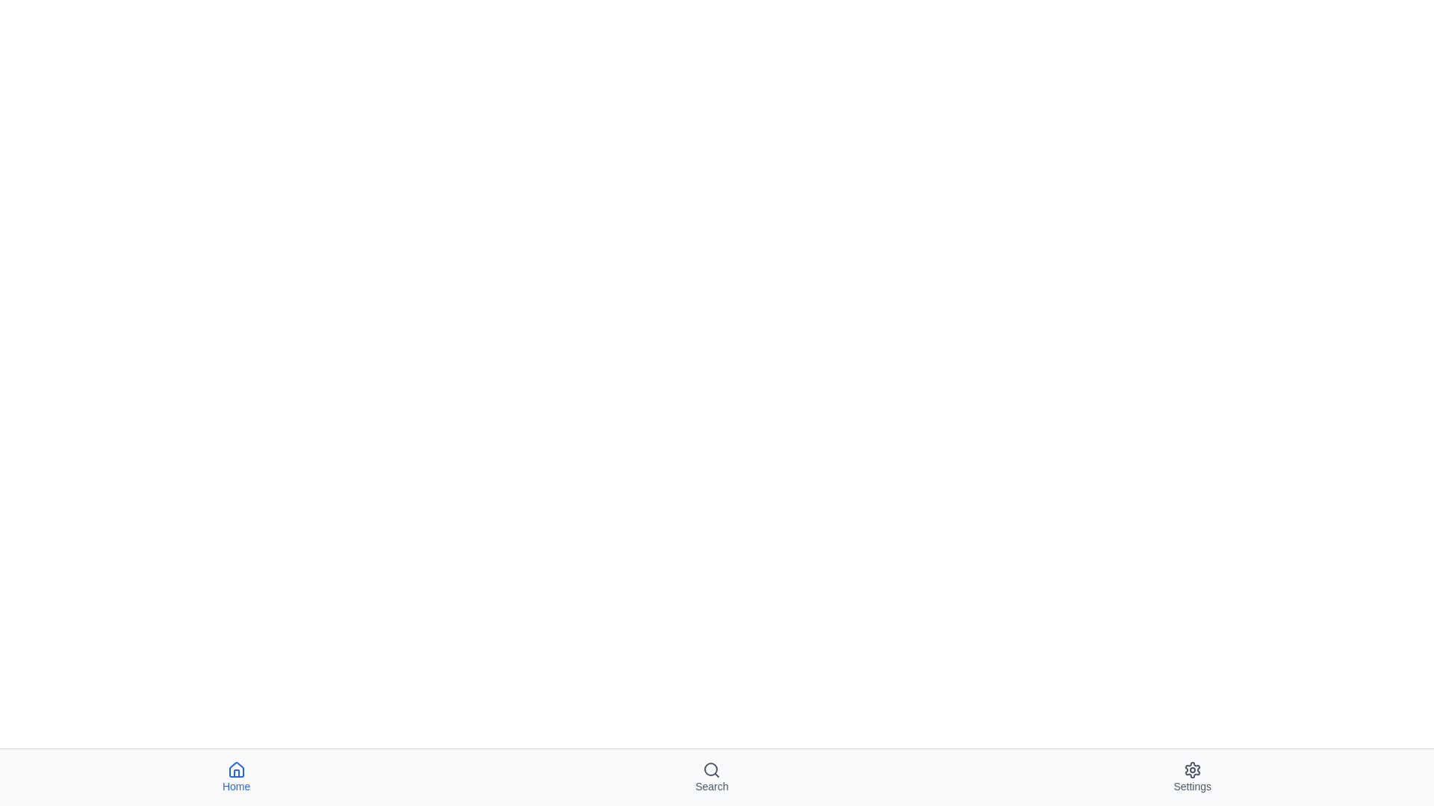 Image resolution: width=1434 pixels, height=806 pixels. Describe the element at coordinates (711, 776) in the screenshot. I see `the search button located centrally in the bottom navigation bar` at that location.